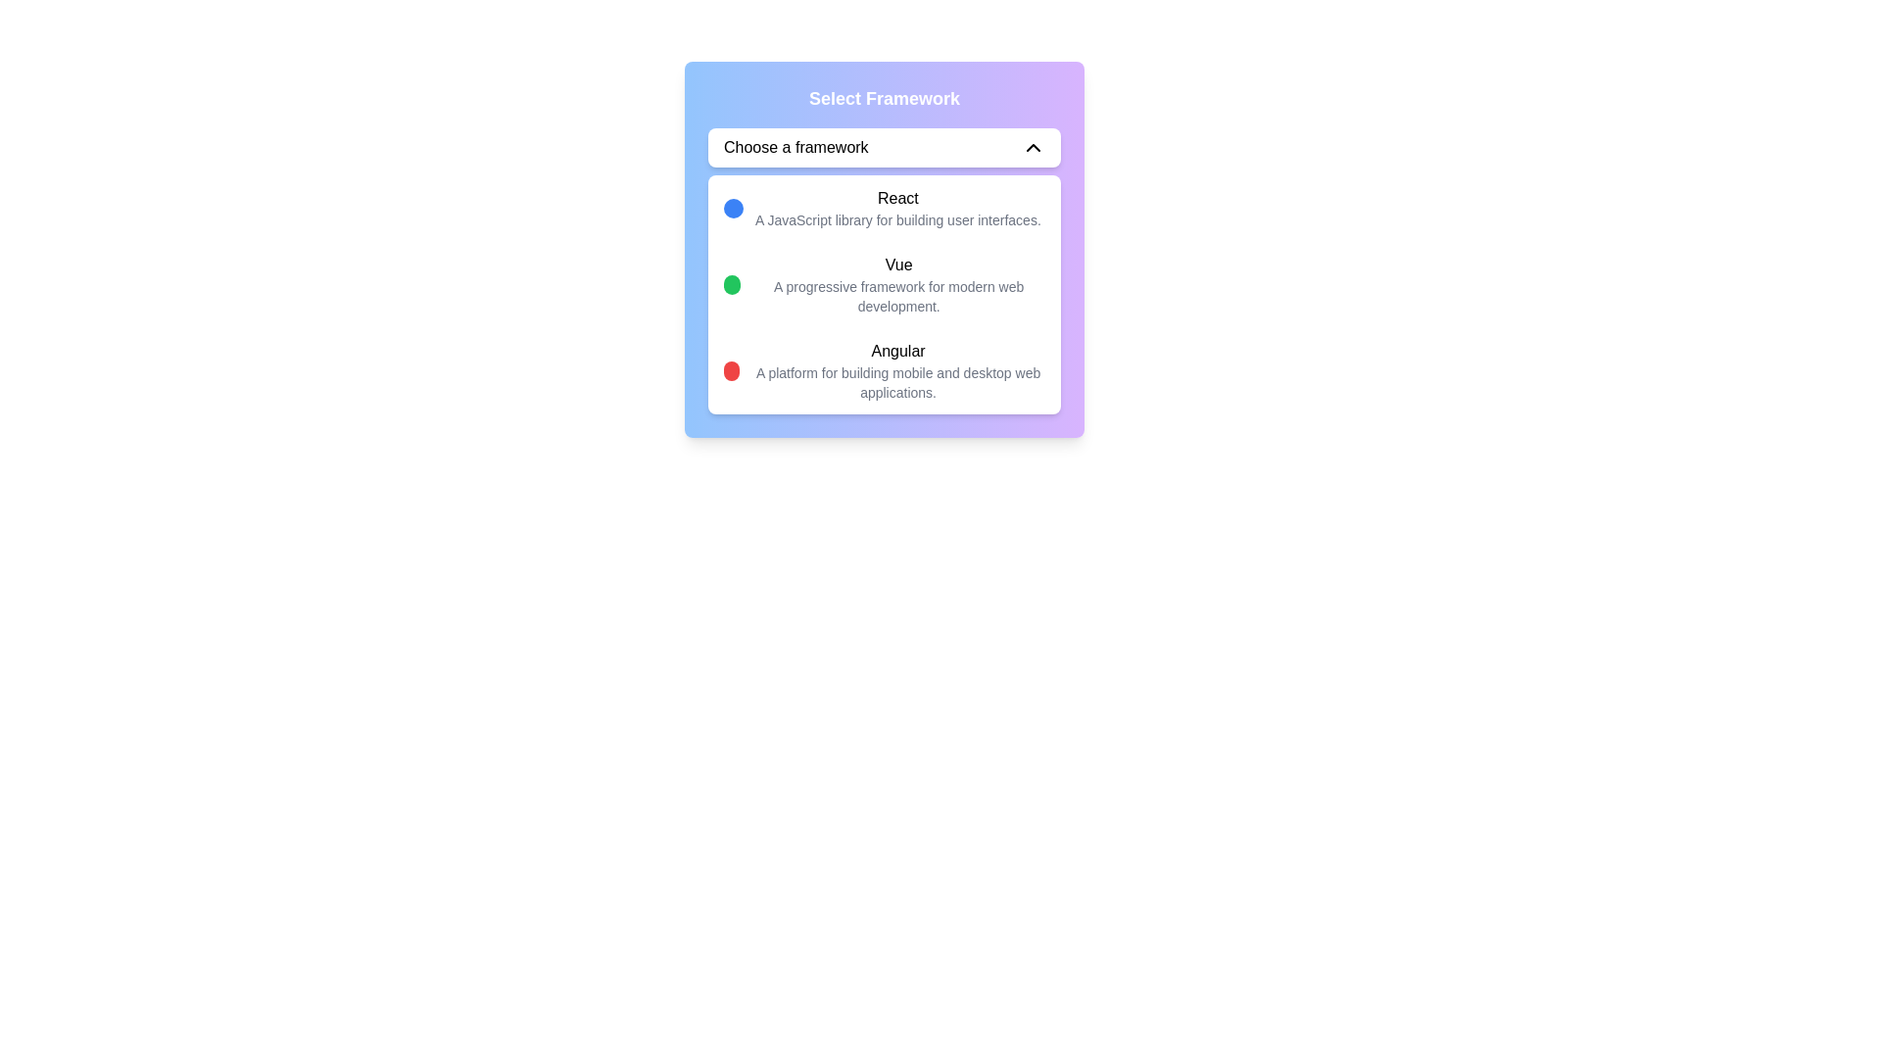  I want to click on the text label that describes the 'Angular' framework option in the selection list titled 'Select Framework', located below the 'Vue' option, so click(896, 370).